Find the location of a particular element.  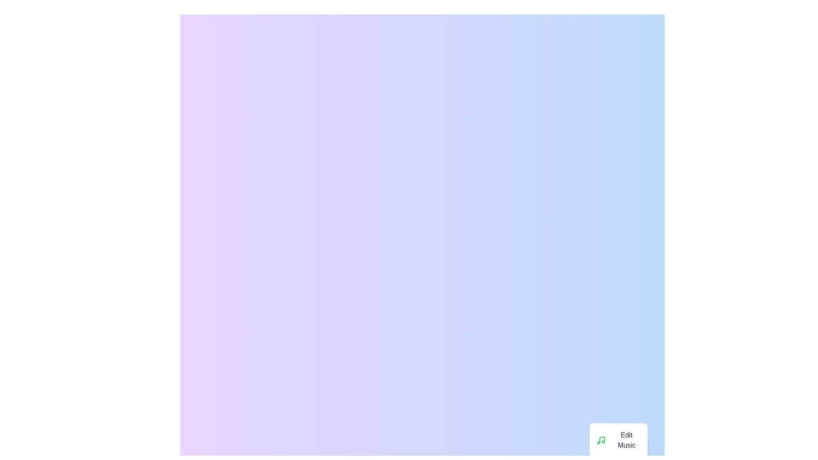

the 'Edit Music' button is located at coordinates (618, 440).